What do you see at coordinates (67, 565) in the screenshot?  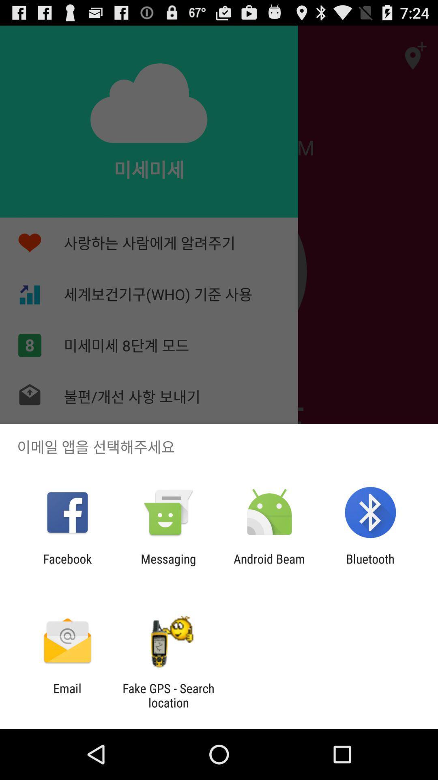 I see `item next to messaging icon` at bounding box center [67, 565].